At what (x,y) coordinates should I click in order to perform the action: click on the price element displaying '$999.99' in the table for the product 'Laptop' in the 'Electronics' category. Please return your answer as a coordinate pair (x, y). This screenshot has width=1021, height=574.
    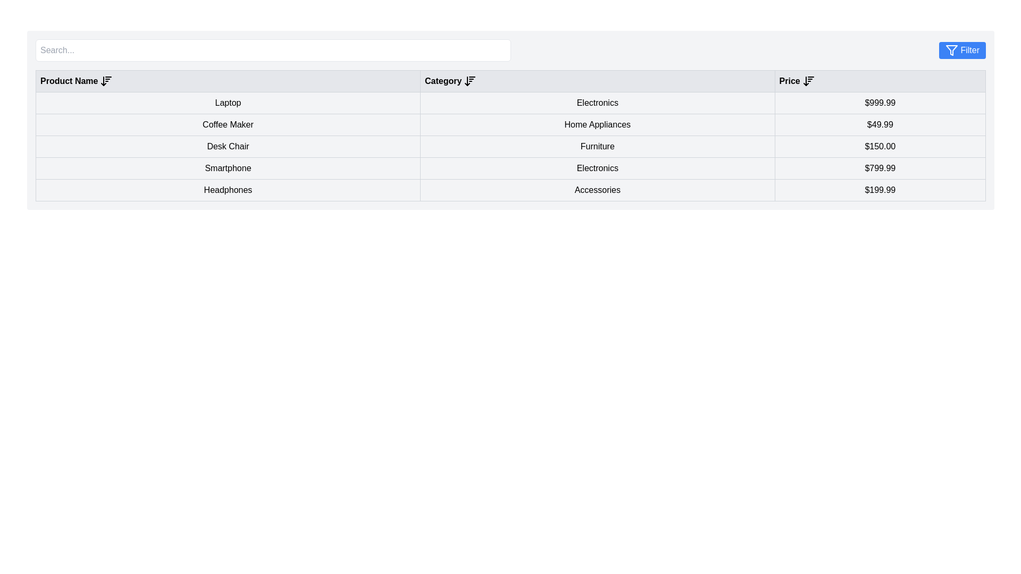
    Looking at the image, I should click on (880, 103).